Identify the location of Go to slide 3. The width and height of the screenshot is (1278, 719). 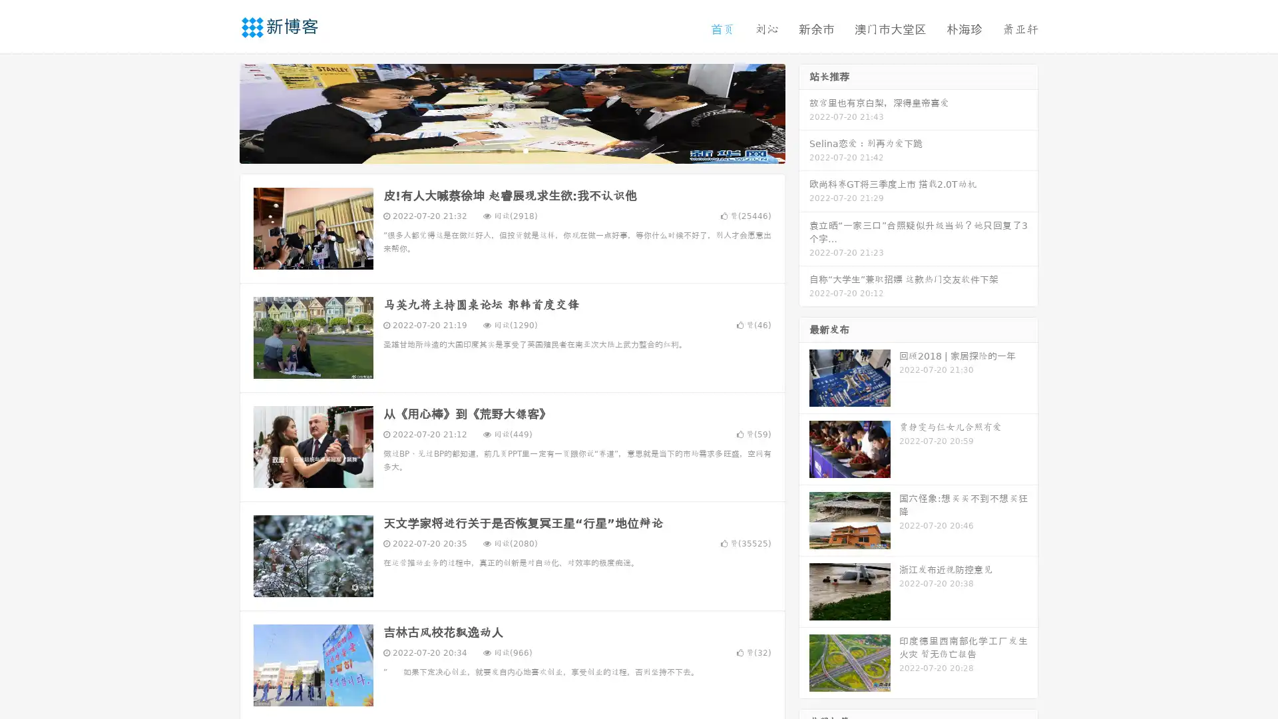
(525, 150).